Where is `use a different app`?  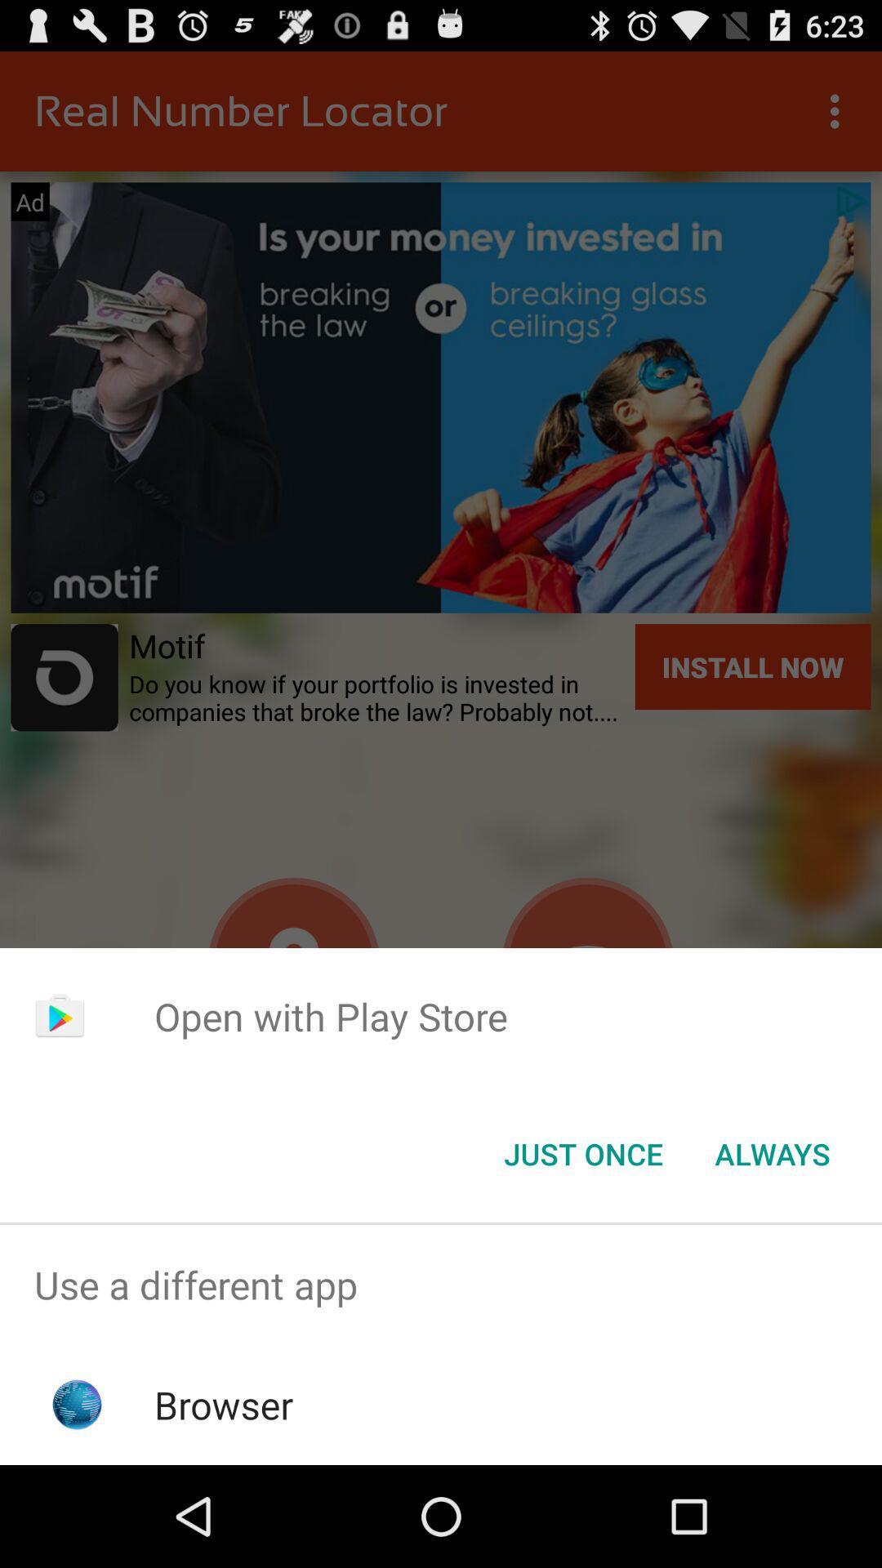
use a different app is located at coordinates (441, 1284).